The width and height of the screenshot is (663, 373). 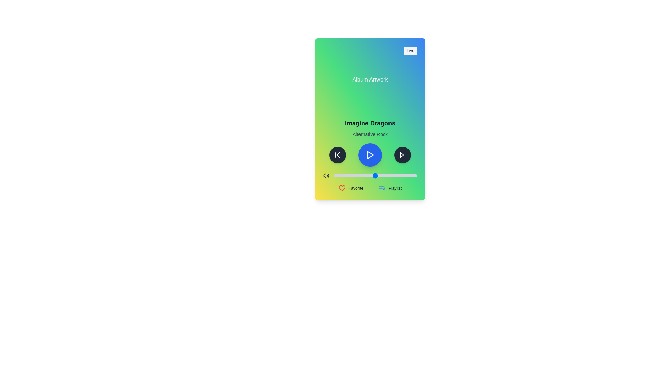 I want to click on the sound or volume icon located at the bottom left of the media player interface, so click(x=326, y=175).